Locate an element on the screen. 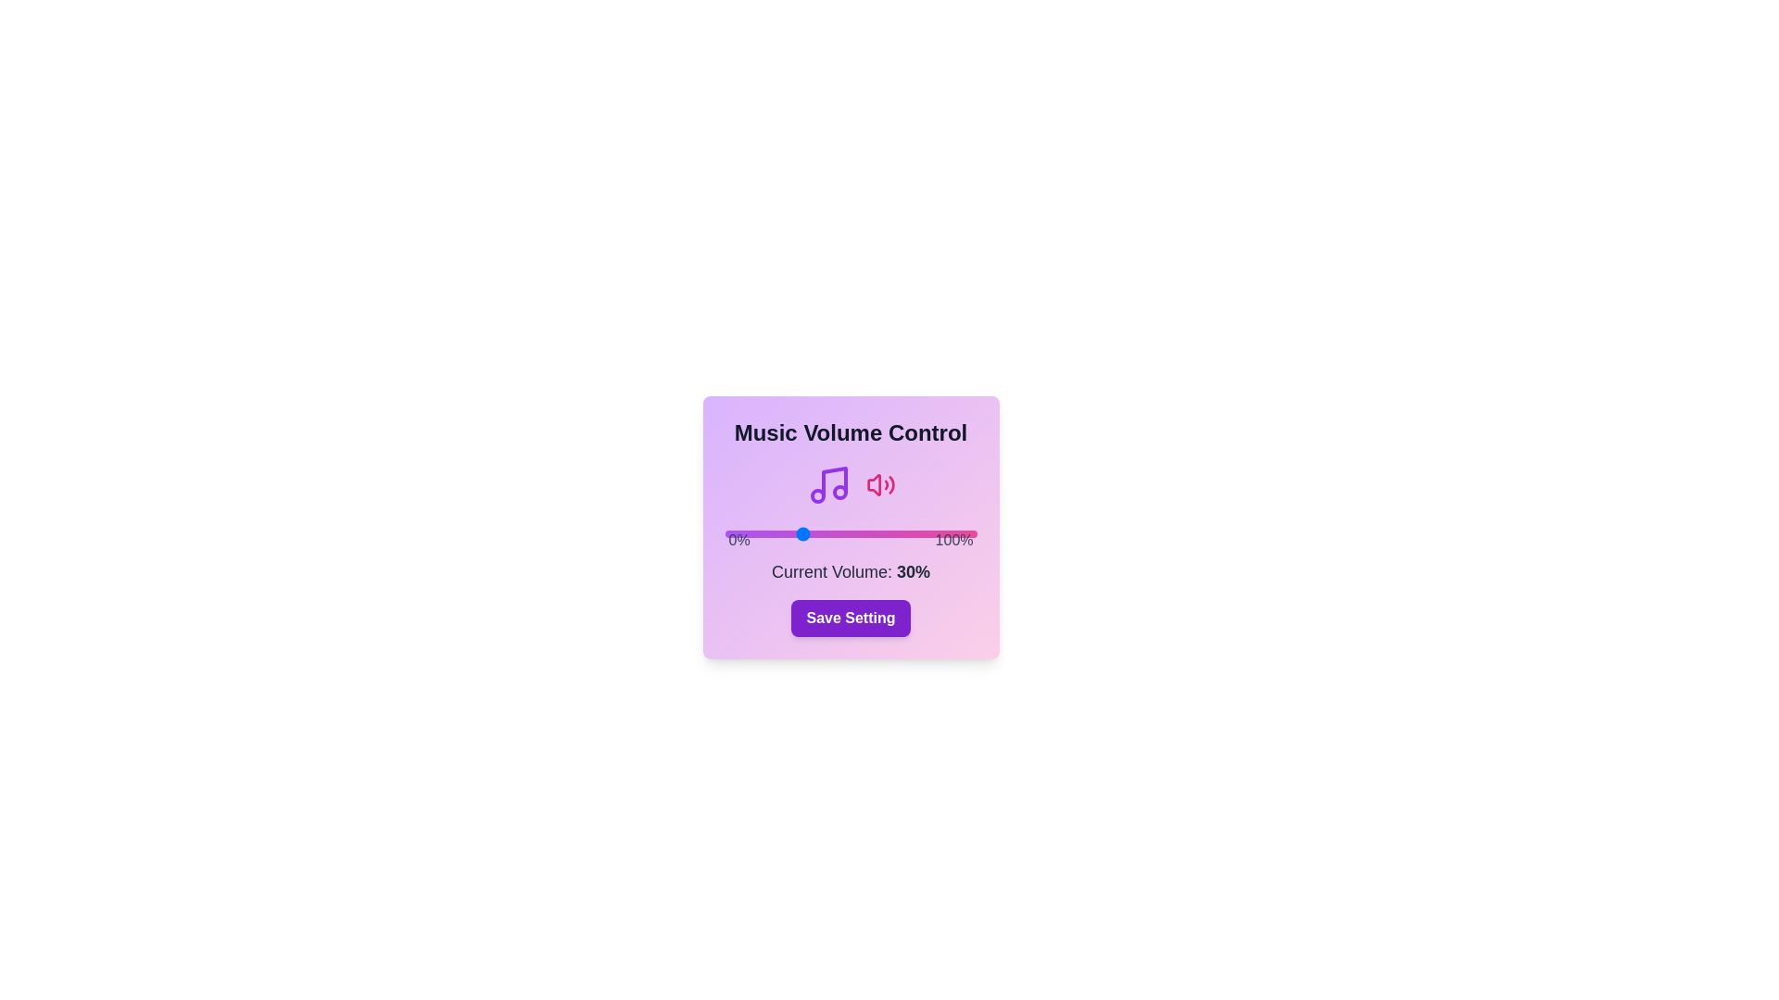 Image resolution: width=1779 pixels, height=1000 pixels. the slider to set the volume to 57% is located at coordinates (867, 534).